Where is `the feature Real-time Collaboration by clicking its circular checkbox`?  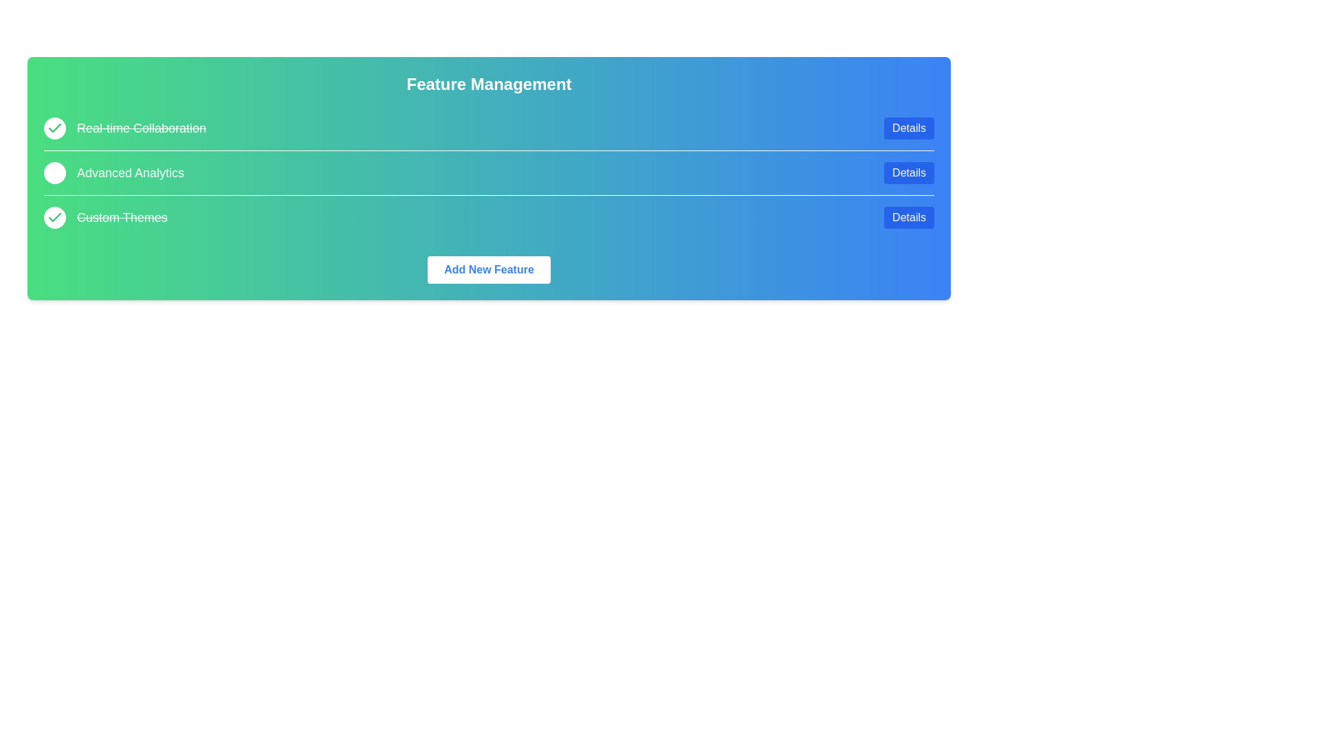 the feature Real-time Collaboration by clicking its circular checkbox is located at coordinates (55, 128).